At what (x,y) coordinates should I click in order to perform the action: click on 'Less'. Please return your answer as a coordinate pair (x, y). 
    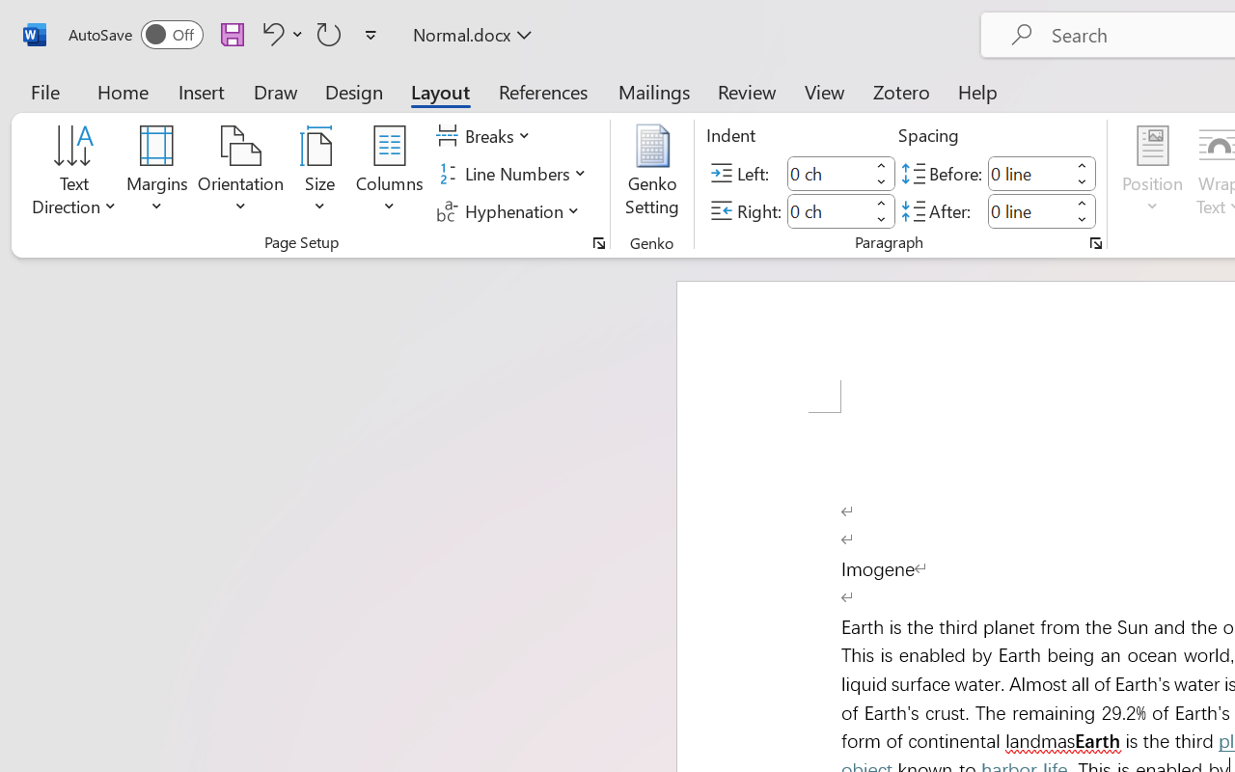
    Looking at the image, I should click on (1082, 219).